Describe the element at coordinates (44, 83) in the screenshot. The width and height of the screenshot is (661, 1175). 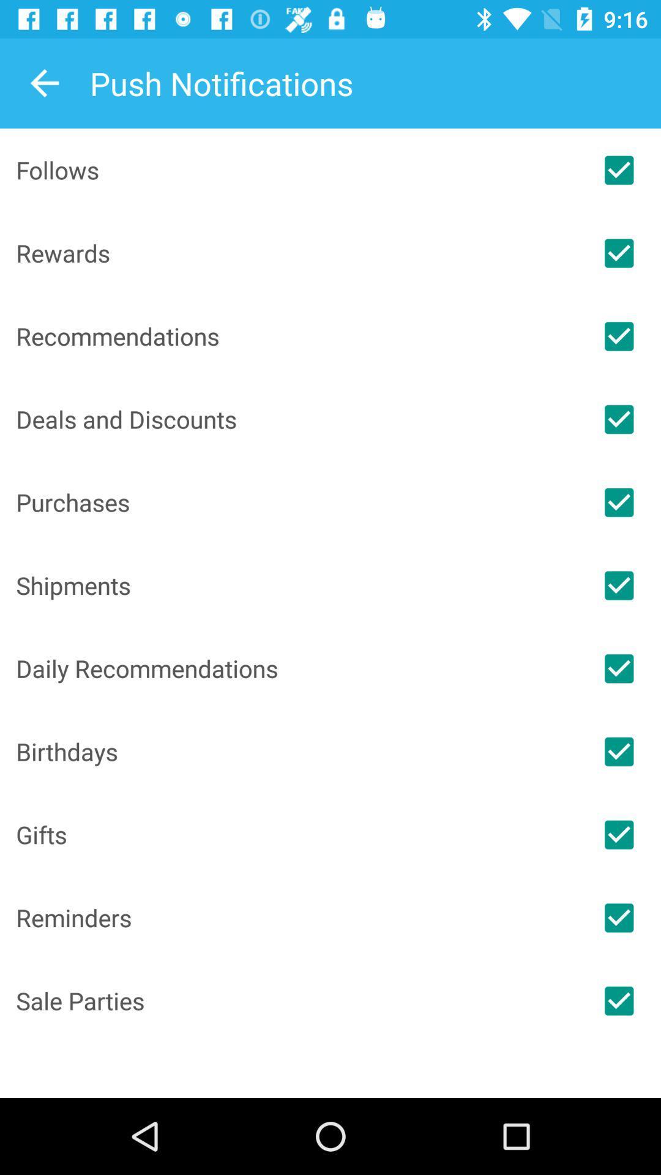
I see `item above follows icon` at that location.